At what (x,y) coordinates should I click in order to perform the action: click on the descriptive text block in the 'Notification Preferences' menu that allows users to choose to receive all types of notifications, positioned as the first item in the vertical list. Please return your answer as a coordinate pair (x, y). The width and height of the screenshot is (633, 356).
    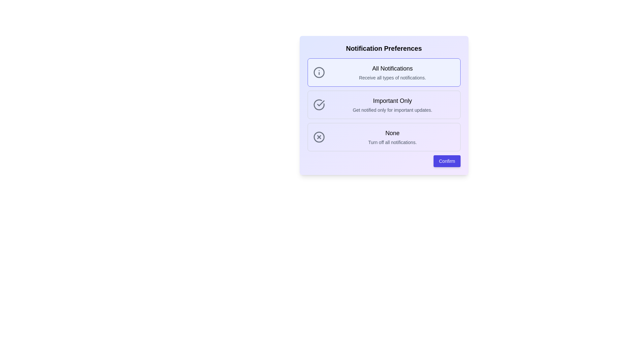
    Looking at the image, I should click on (392, 72).